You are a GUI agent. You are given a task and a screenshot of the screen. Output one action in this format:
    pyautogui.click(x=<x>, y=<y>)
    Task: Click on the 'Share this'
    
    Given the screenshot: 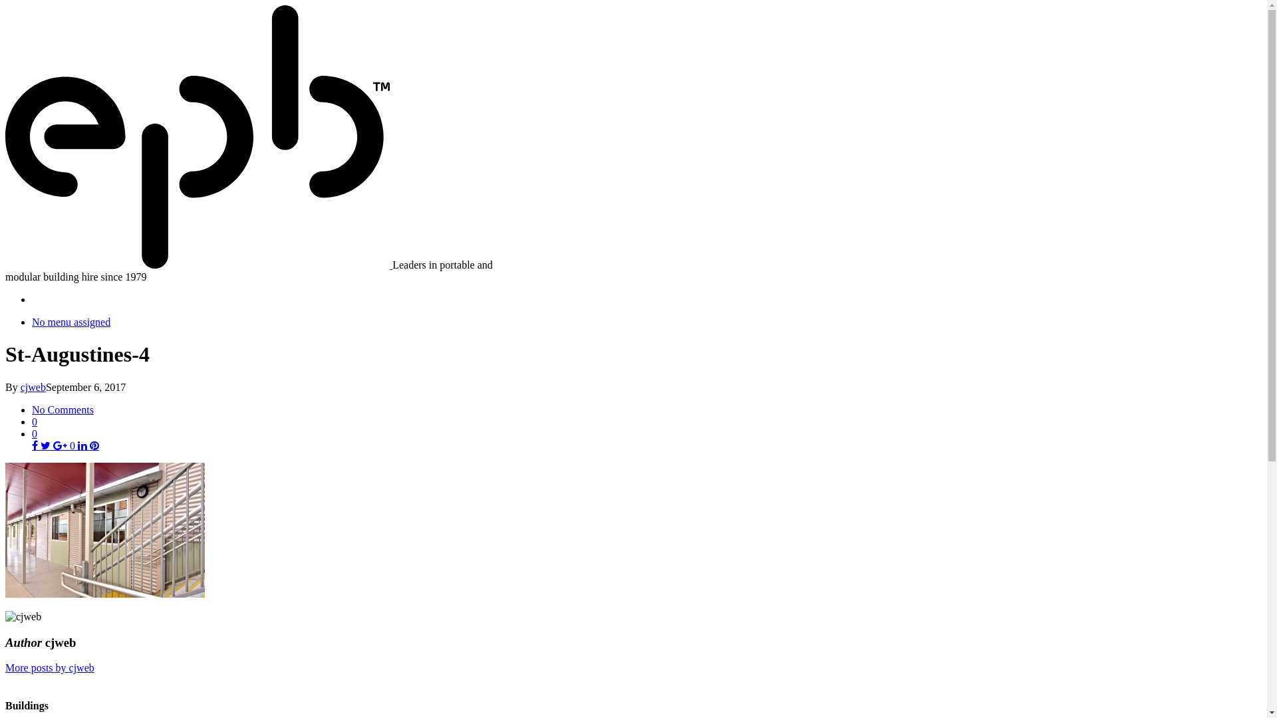 What is the action you would take?
    pyautogui.click(x=82, y=445)
    